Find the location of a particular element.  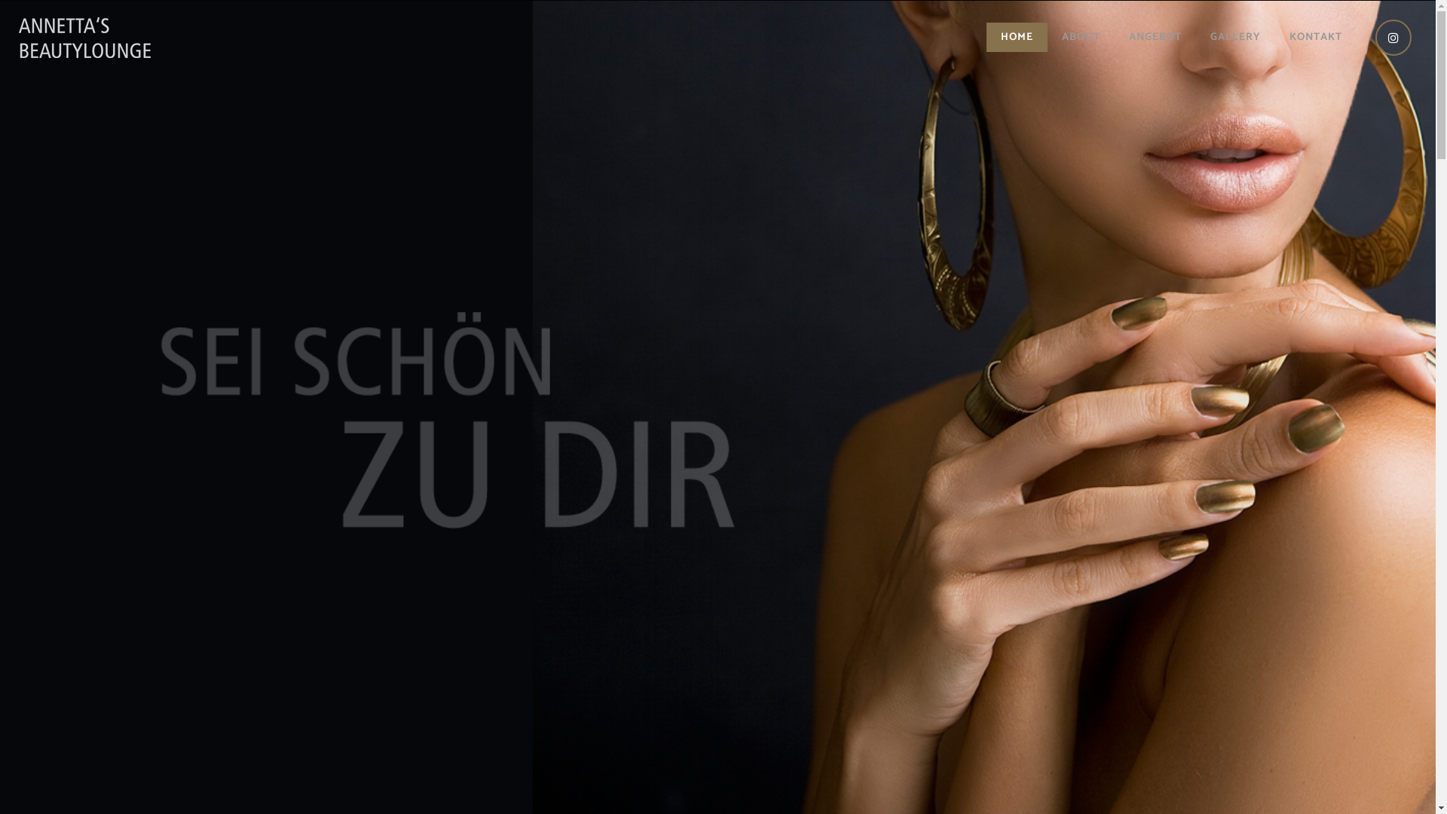

'GALLERY' is located at coordinates (1235, 37).